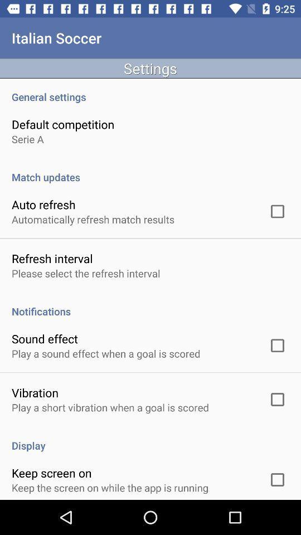 This screenshot has height=535, width=301. Describe the element at coordinates (151, 90) in the screenshot. I see `the general settings` at that location.